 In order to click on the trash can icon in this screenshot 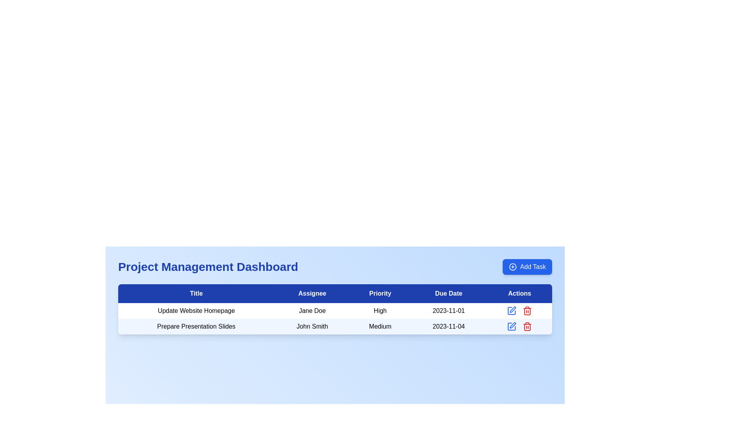, I will do `click(527, 327)`.